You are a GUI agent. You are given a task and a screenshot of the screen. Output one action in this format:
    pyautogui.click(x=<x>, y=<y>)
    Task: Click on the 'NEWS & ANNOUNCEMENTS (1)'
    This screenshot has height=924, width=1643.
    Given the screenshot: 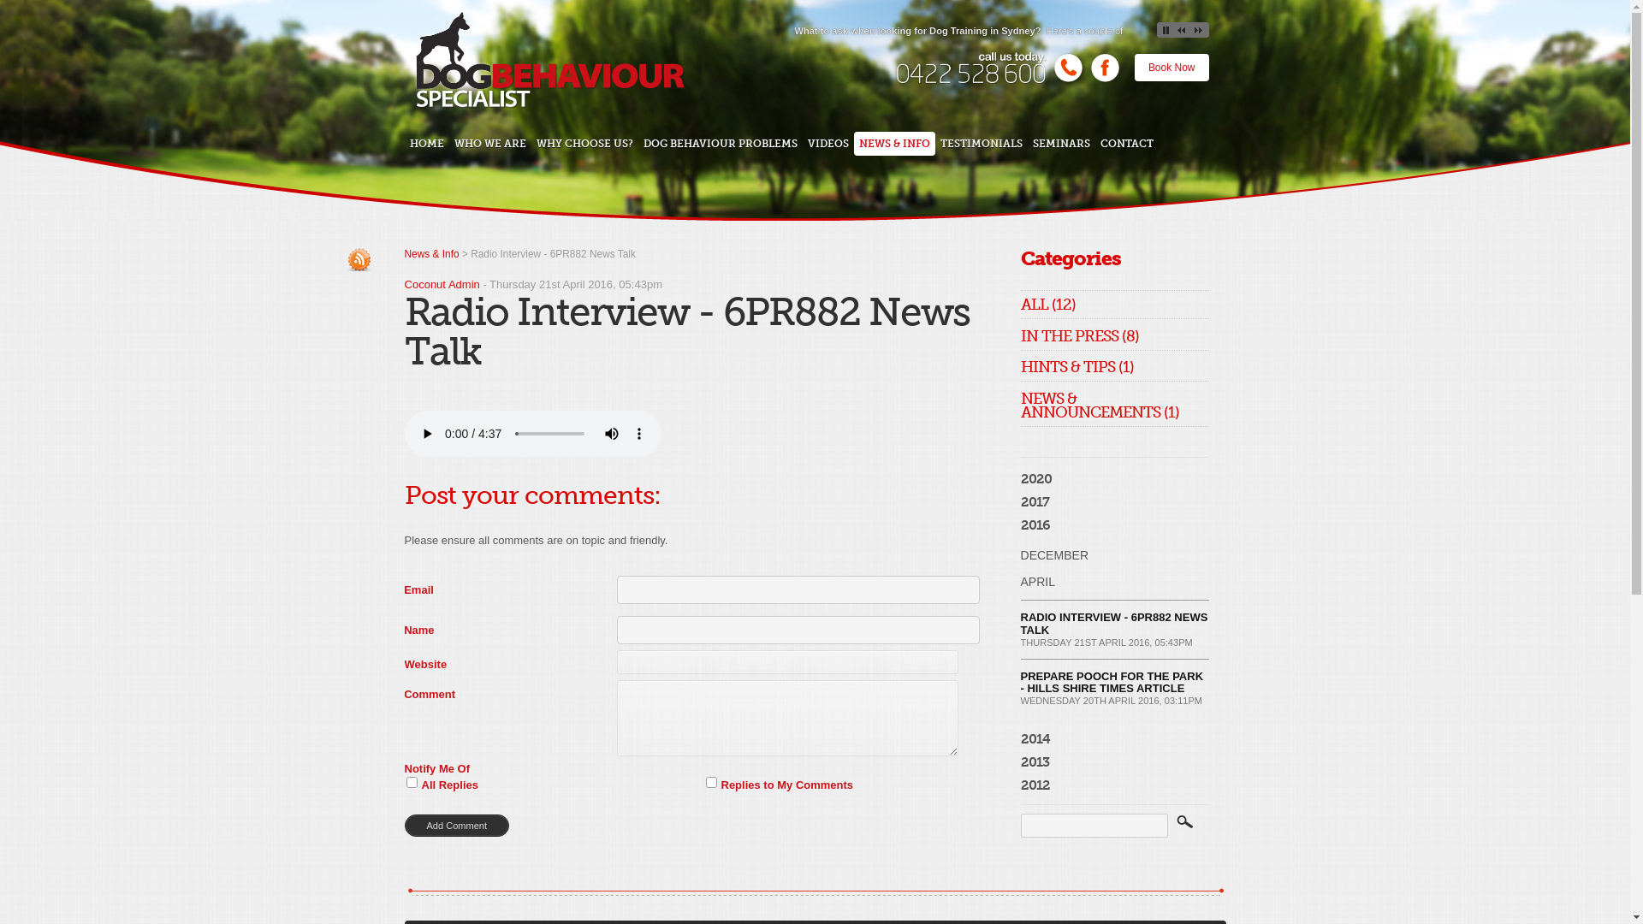 What is the action you would take?
    pyautogui.click(x=1099, y=409)
    